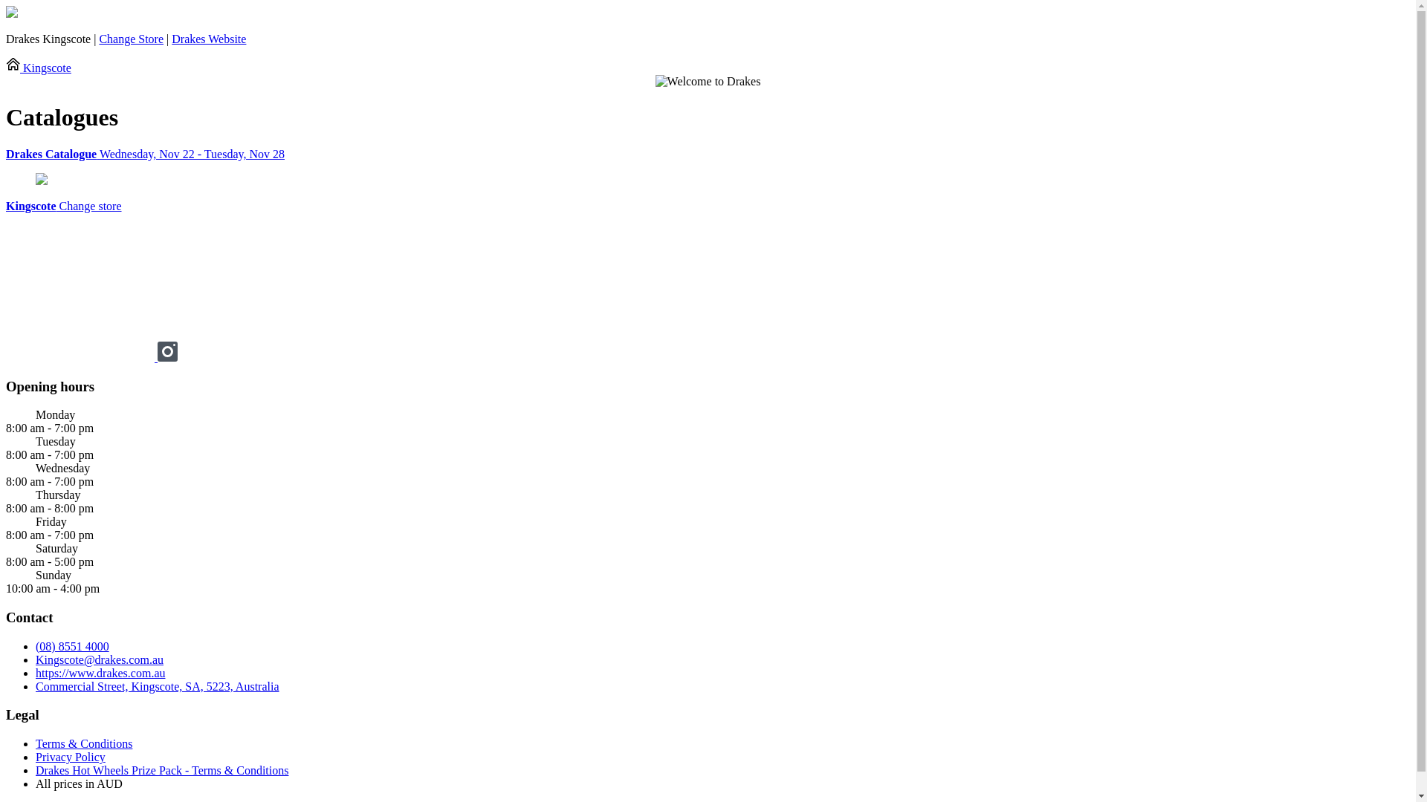 Image resolution: width=1427 pixels, height=802 pixels. I want to click on 'Drakes Hot Wheels Prize Pack - Terms & Conditions', so click(161, 769).